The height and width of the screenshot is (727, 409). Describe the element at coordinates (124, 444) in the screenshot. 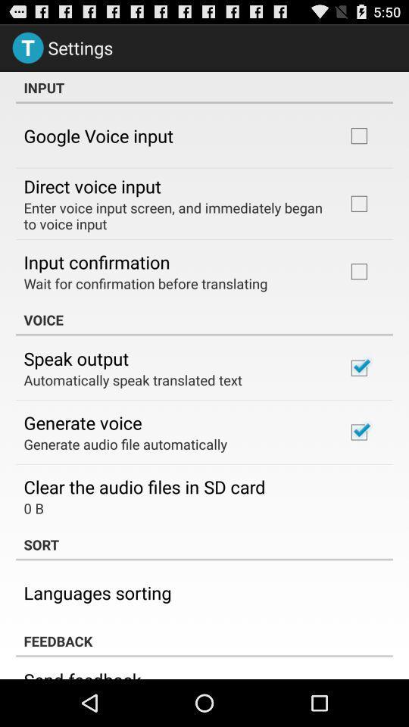

I see `the icon below generate voice icon` at that location.